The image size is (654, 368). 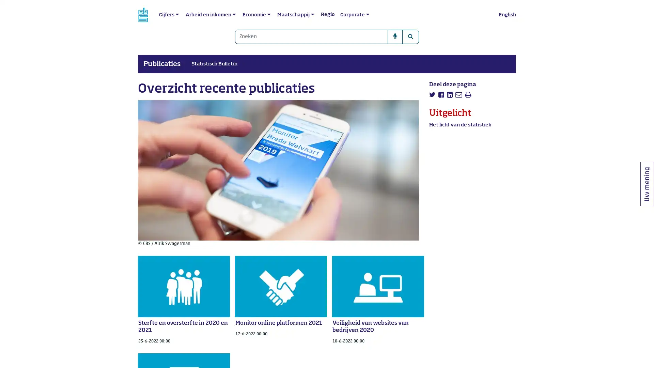 What do you see at coordinates (312, 14) in the screenshot?
I see `submenu Maatschappij` at bounding box center [312, 14].